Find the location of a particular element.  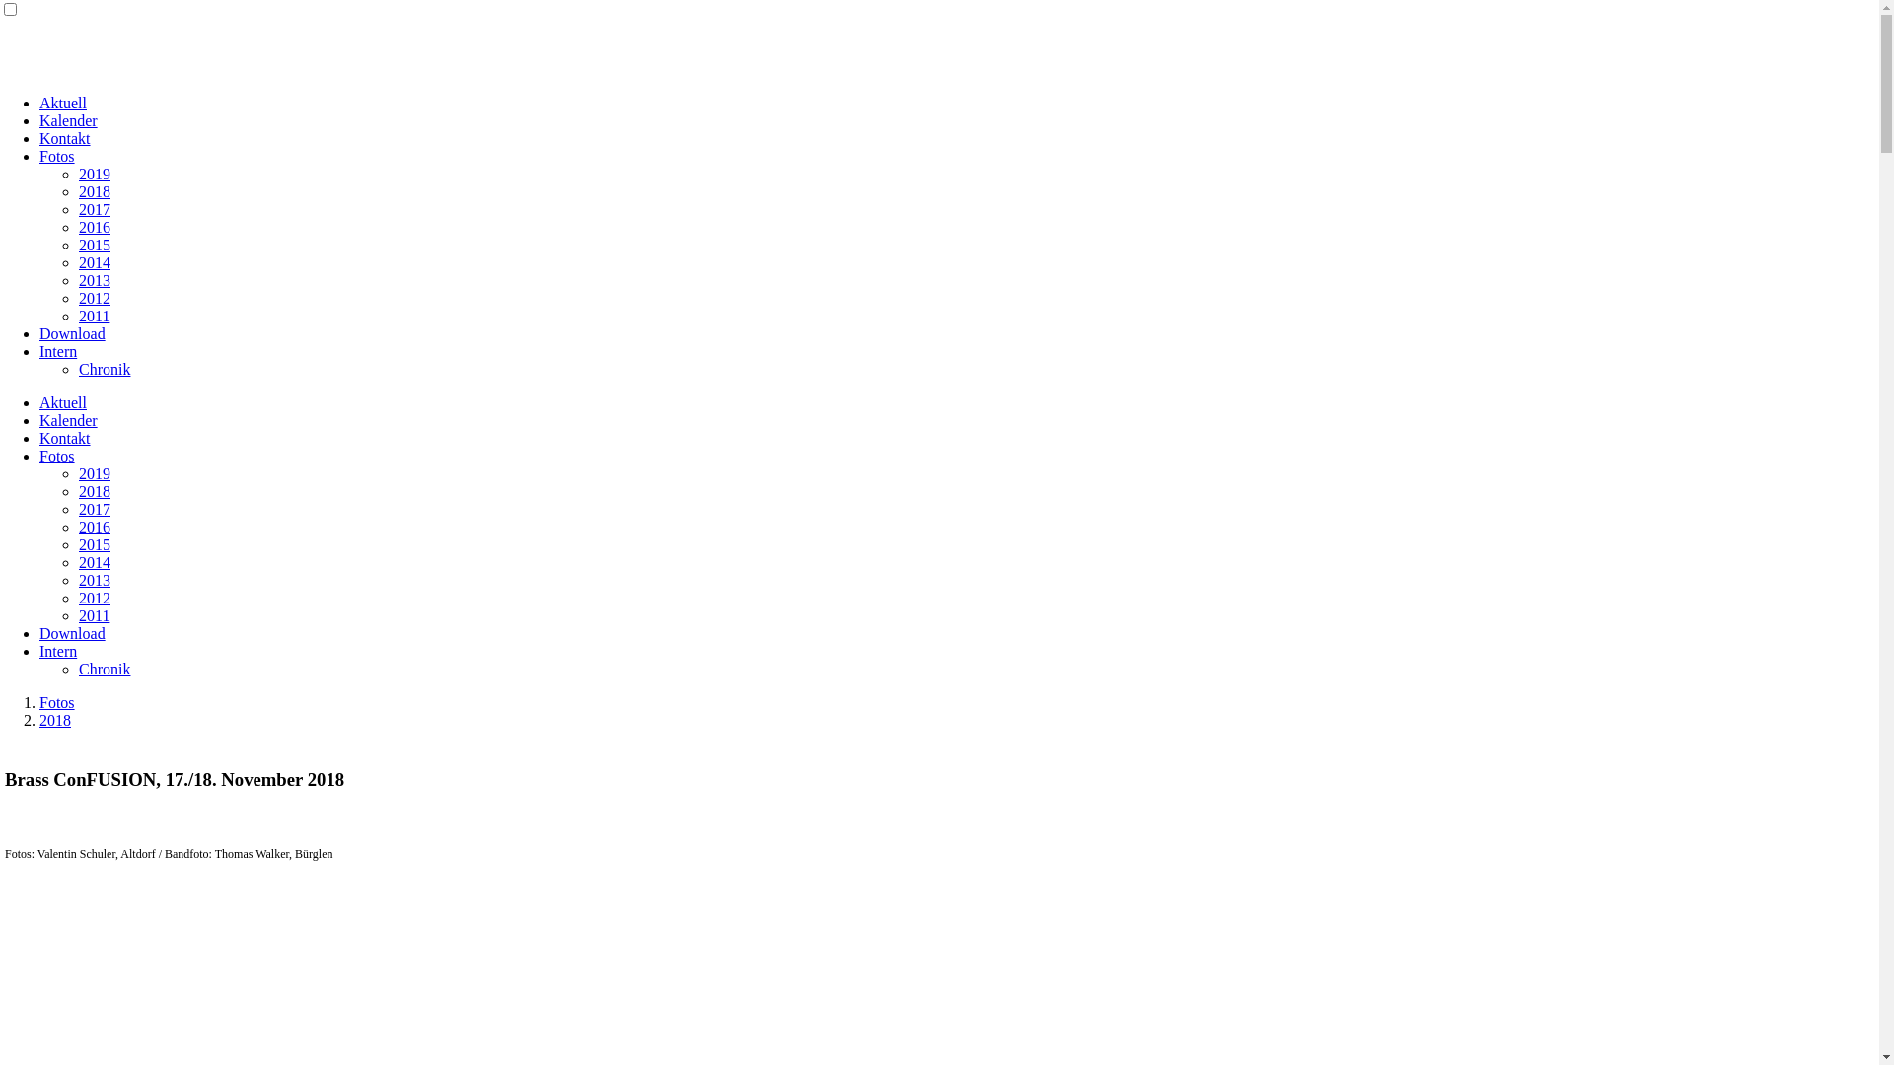

'2019' is located at coordinates (94, 173).